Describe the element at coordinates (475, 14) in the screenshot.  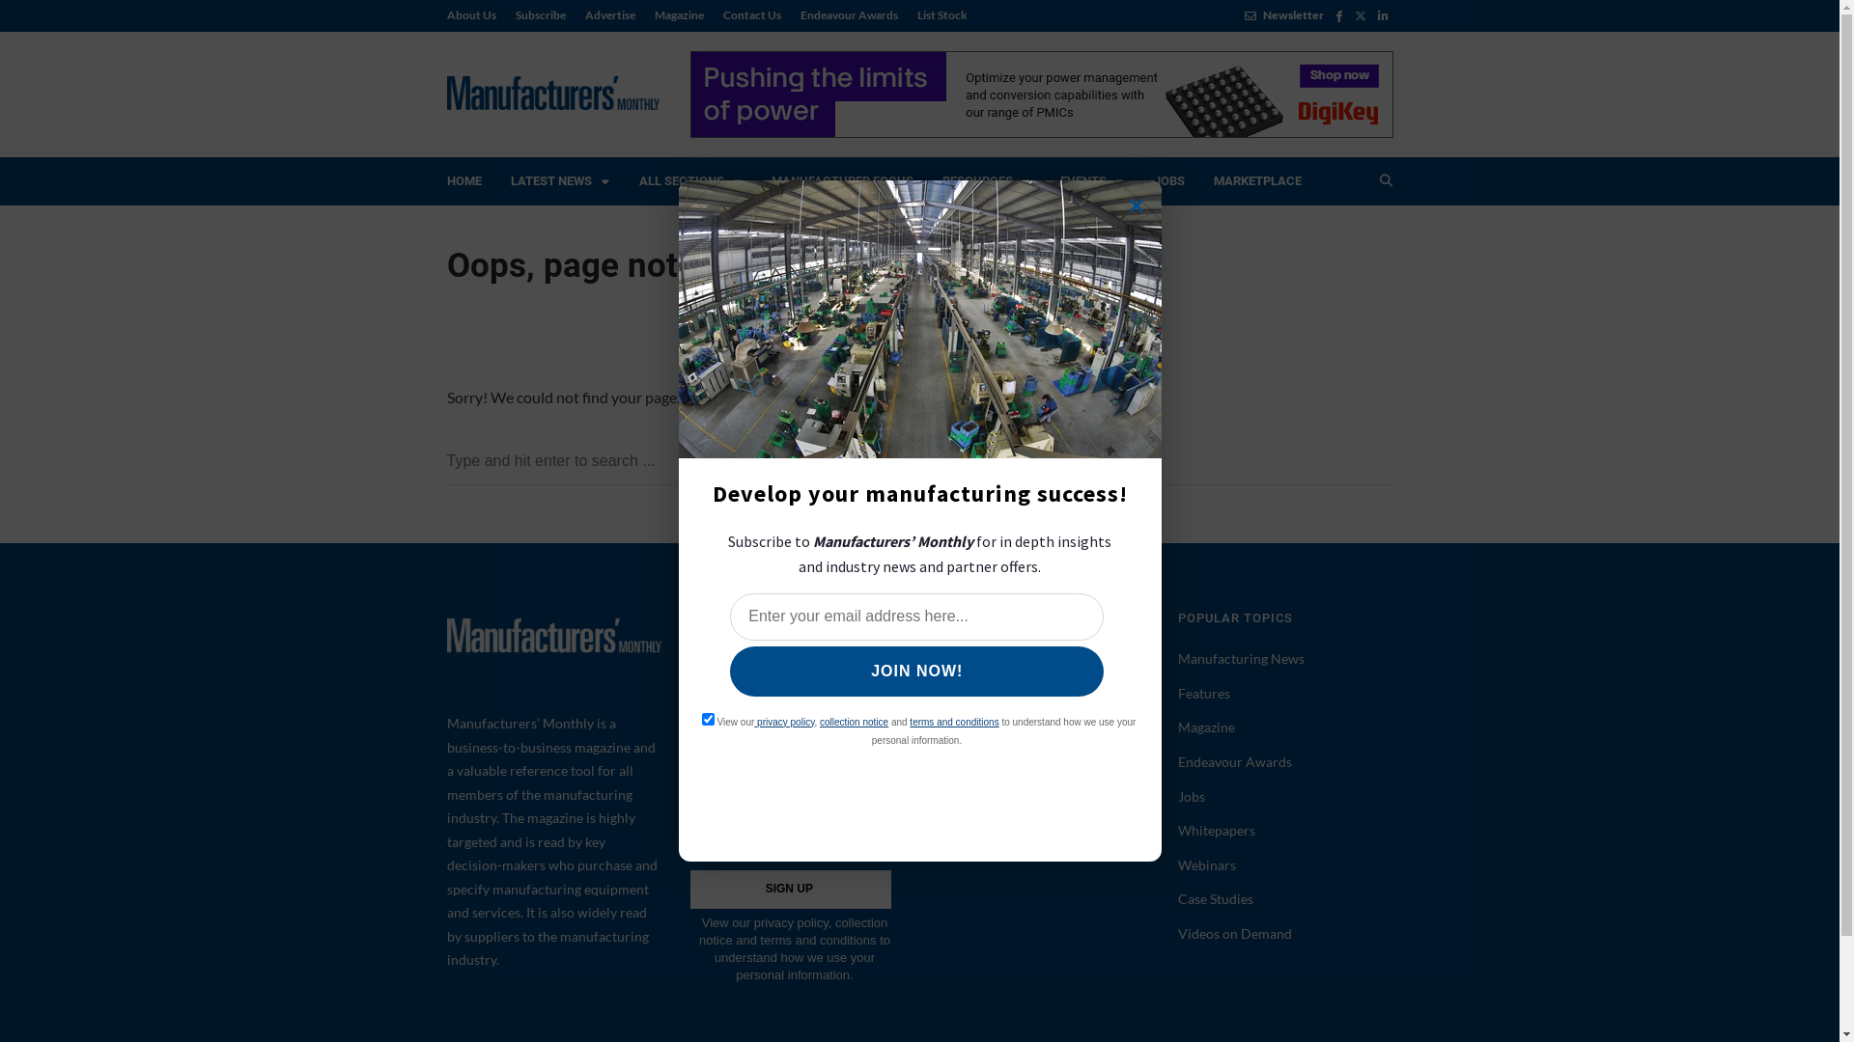
I see `'About Us'` at that location.